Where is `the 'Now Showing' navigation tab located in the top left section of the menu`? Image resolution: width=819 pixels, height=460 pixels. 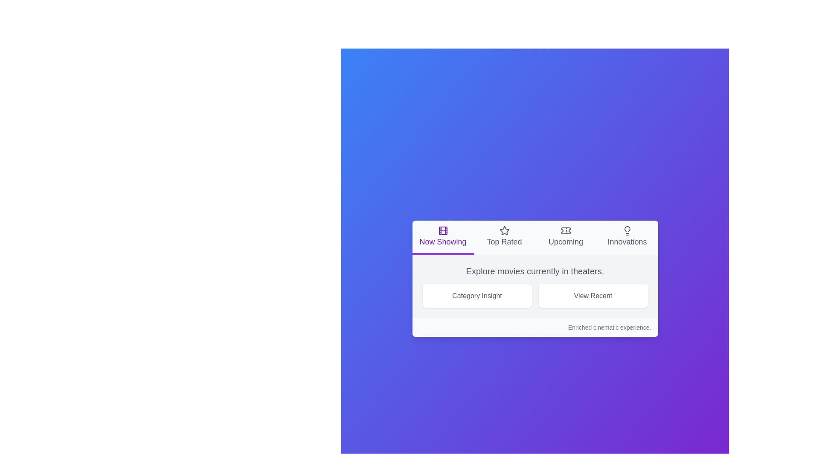 the 'Now Showing' navigation tab located in the top left section of the menu is located at coordinates (534, 238).